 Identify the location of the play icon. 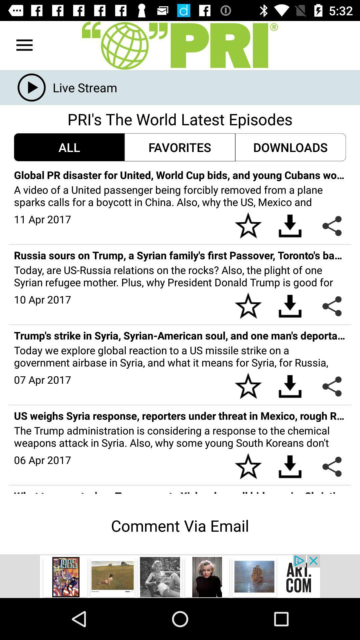
(31, 87).